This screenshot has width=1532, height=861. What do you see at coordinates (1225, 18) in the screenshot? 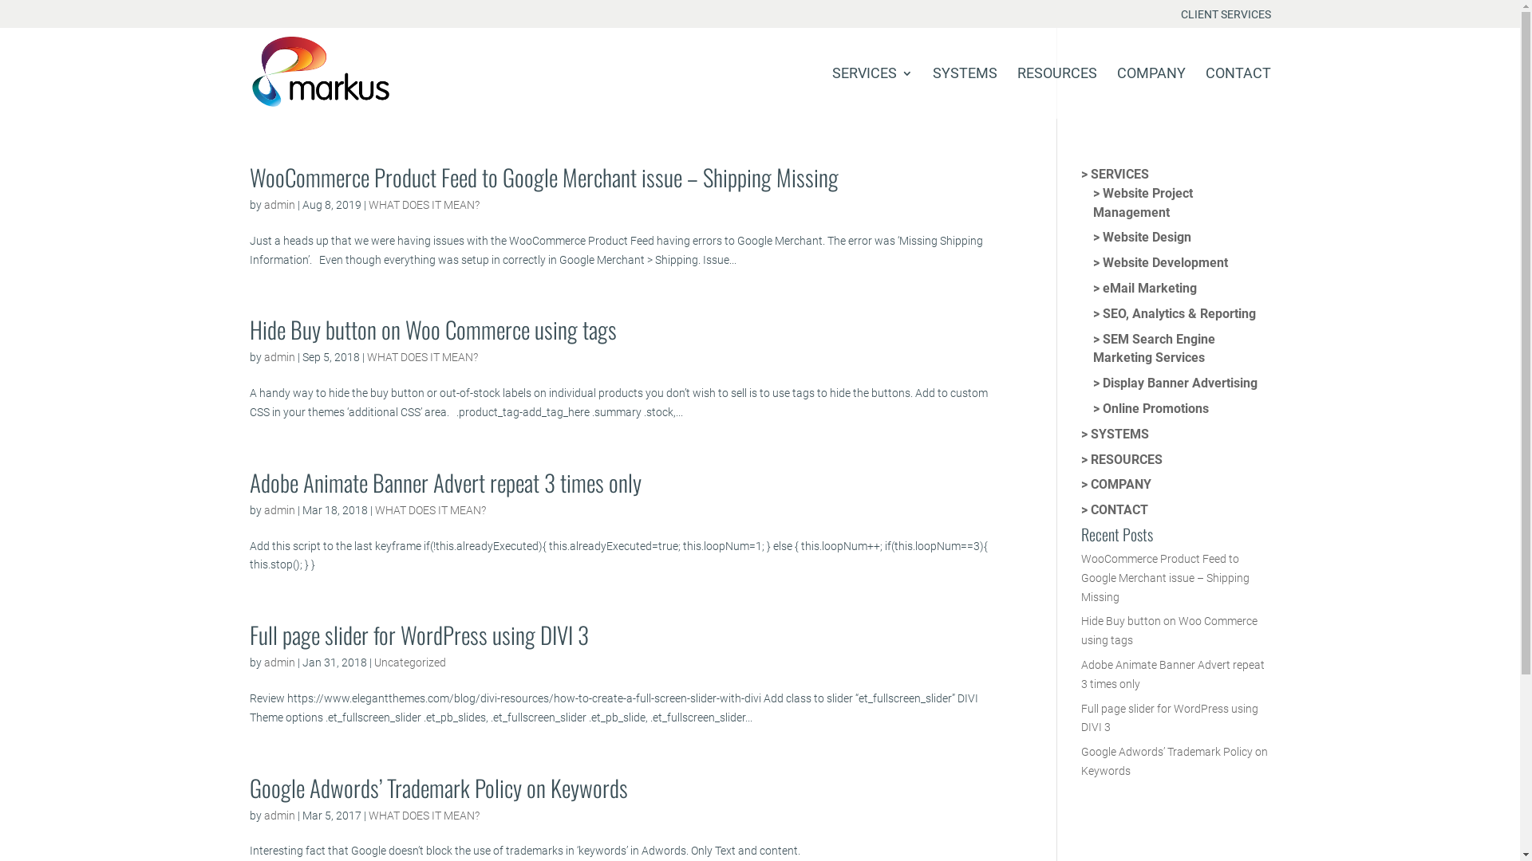
I see `'CLIENT SERVICES'` at bounding box center [1225, 18].